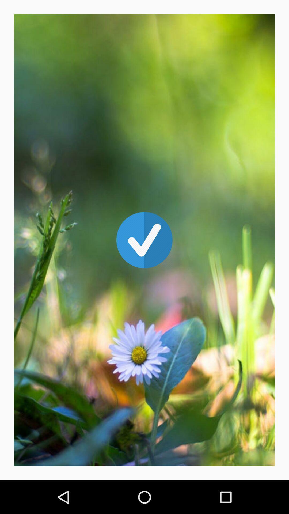 This screenshot has height=514, width=289. Describe the element at coordinates (144, 240) in the screenshot. I see `ok button` at that location.